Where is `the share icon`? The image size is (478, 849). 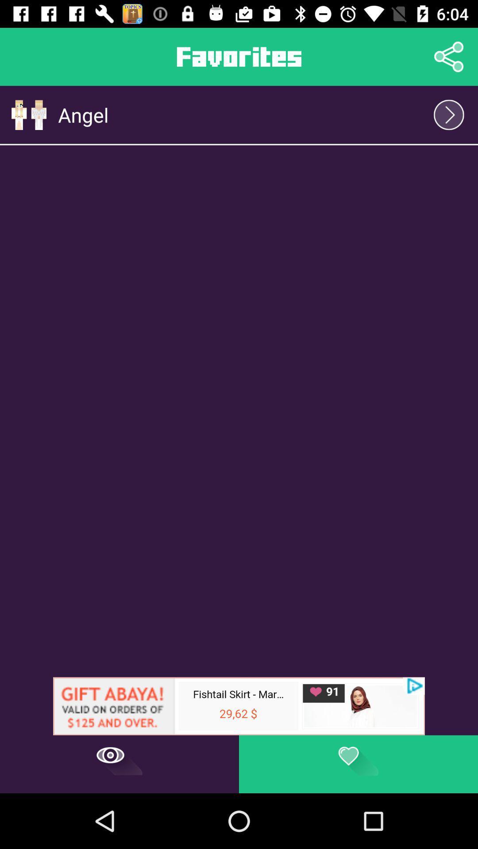 the share icon is located at coordinates (449, 56).